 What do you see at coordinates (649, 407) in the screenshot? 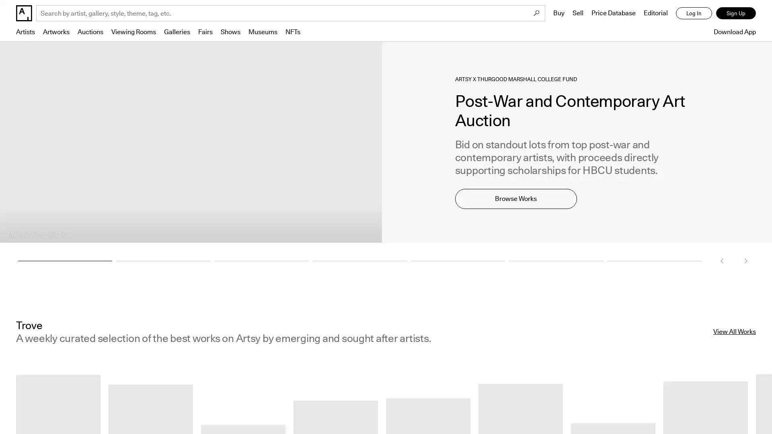
I see `Manage Cookies` at bounding box center [649, 407].